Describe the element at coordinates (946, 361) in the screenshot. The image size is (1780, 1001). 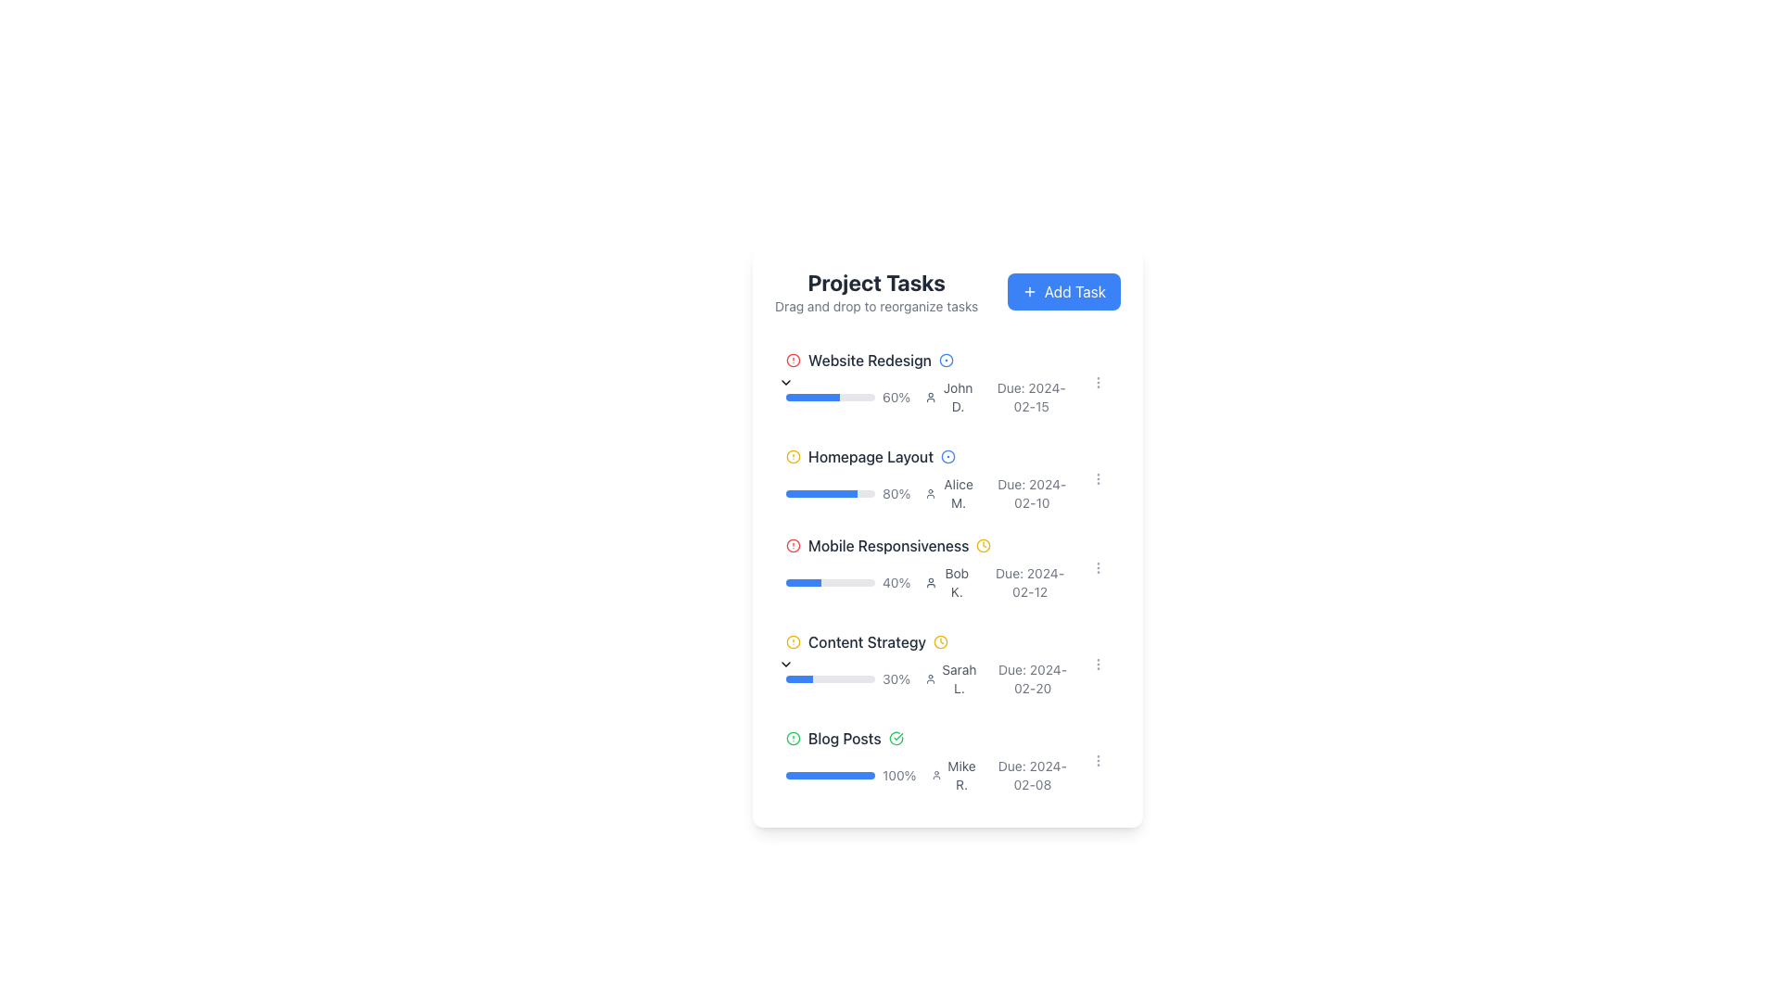
I see `the Status Indicator for the 'Website Redesign' task, which is located to the right of the 'Website Redesign' text and next to other icons` at that location.